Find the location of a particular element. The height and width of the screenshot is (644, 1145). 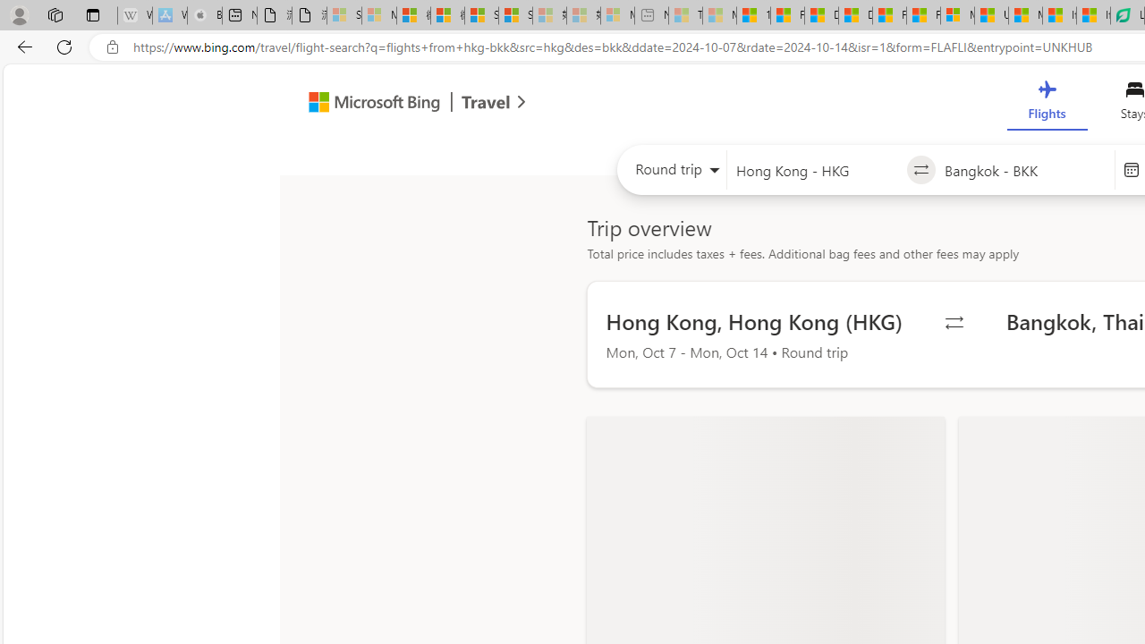

'US Heat Deaths Soared To Record High Last Year' is located at coordinates (991, 15).